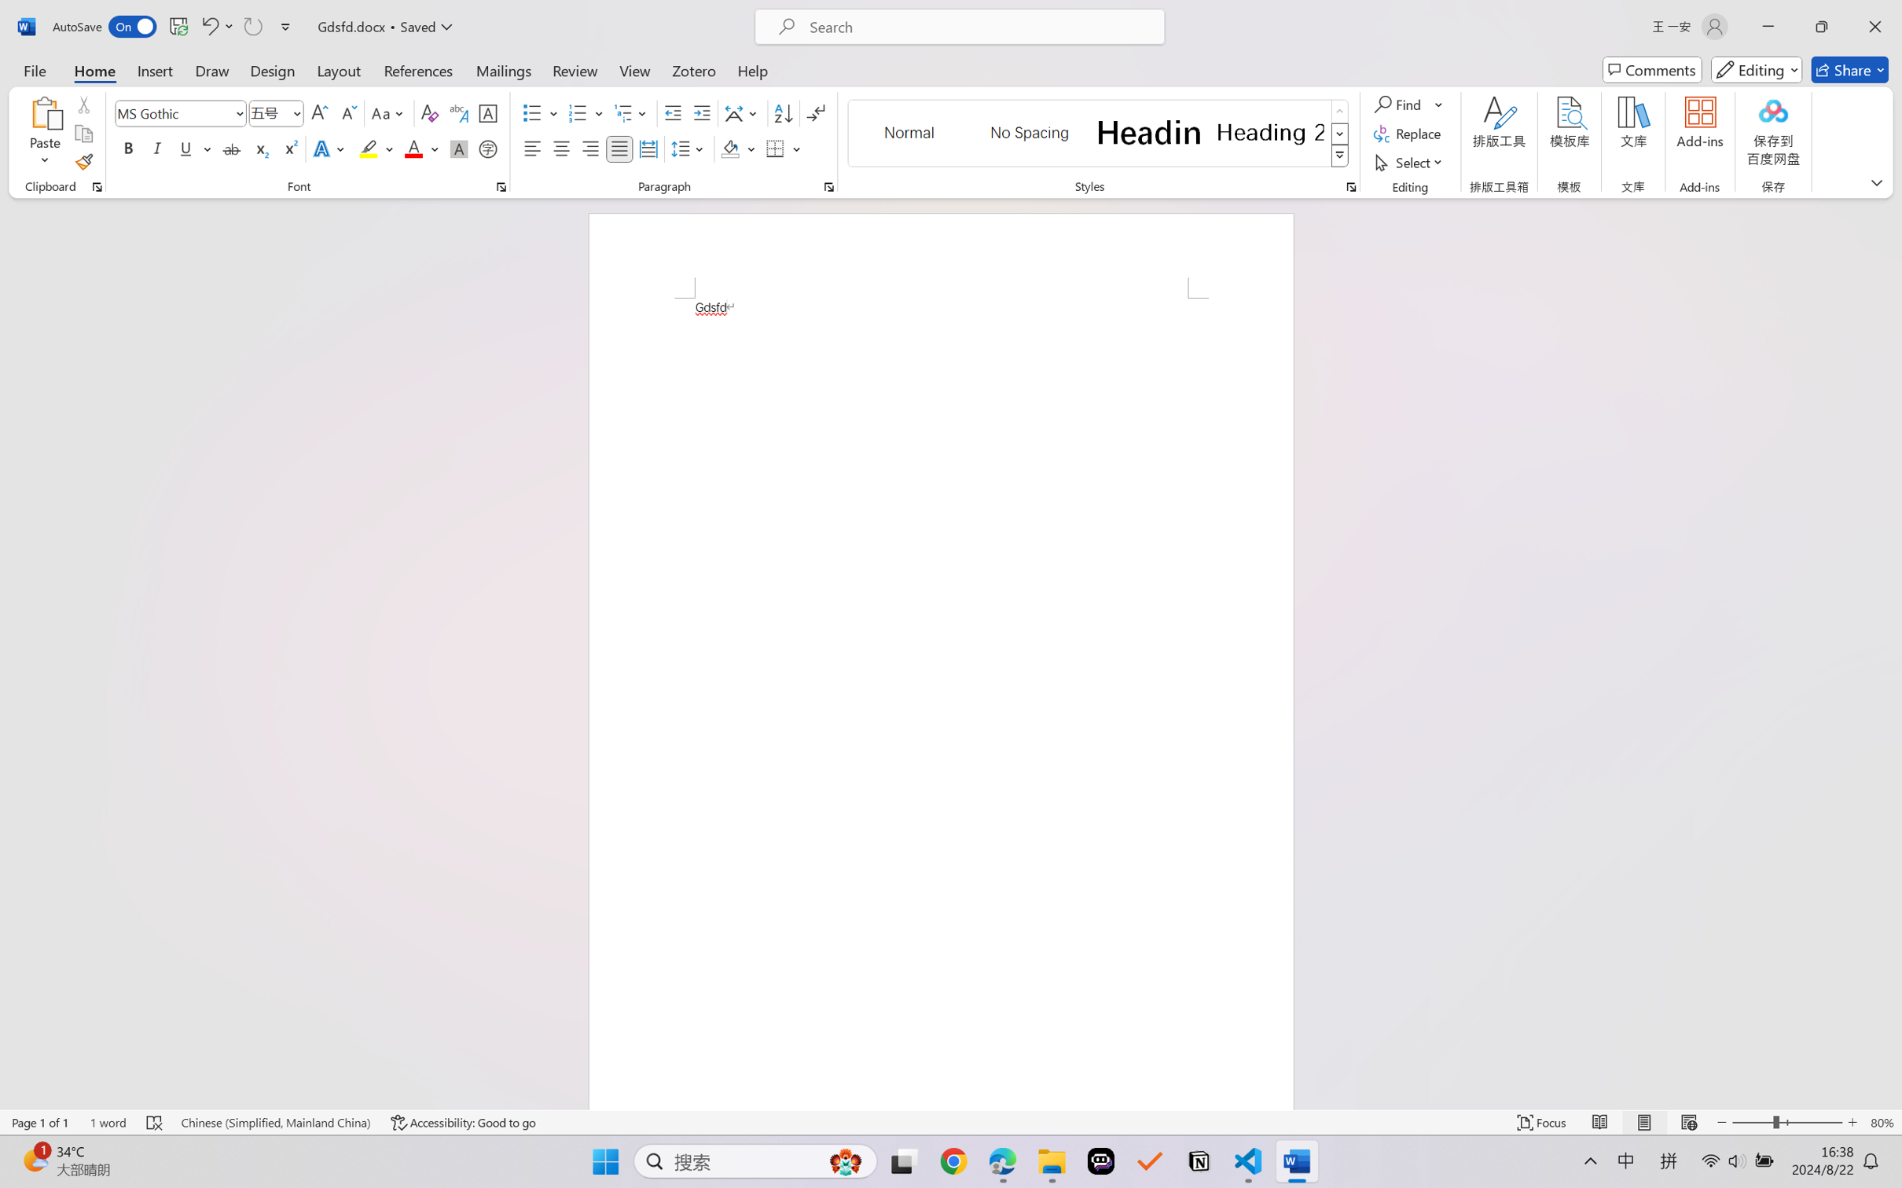  I want to click on 'Zoom 80%', so click(1882, 1122).